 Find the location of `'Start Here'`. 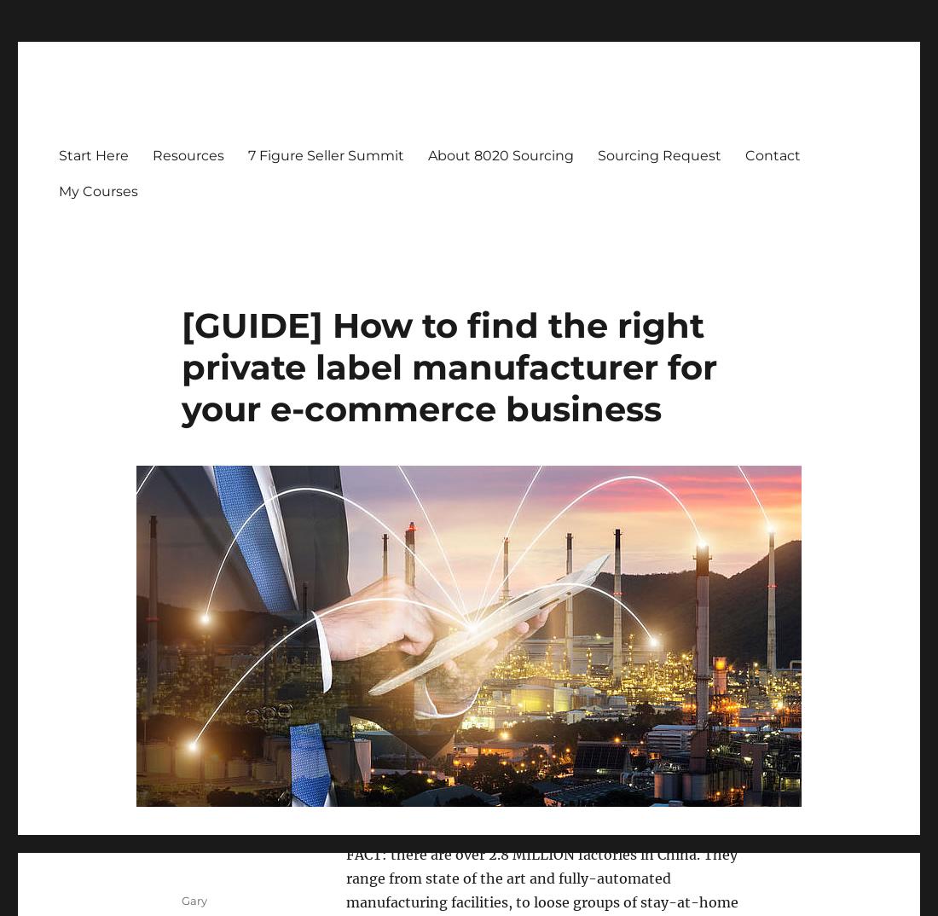

'Start Here' is located at coordinates (94, 154).